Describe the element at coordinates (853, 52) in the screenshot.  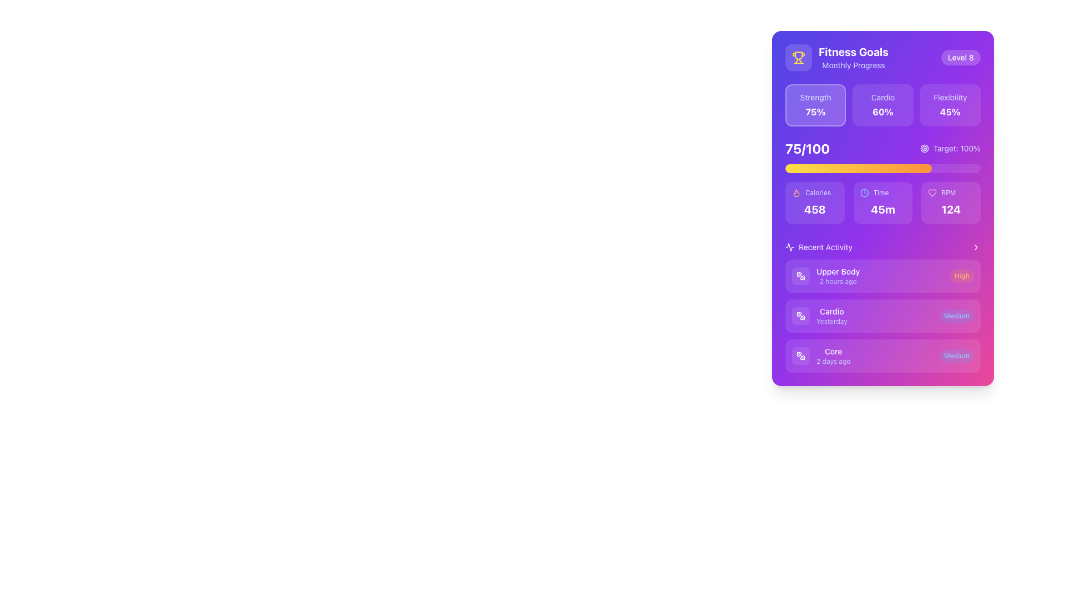
I see `text from the header element displaying 'Fitness Goals' in a bold, white font on a purple background, located at the top-center of the card interface` at that location.